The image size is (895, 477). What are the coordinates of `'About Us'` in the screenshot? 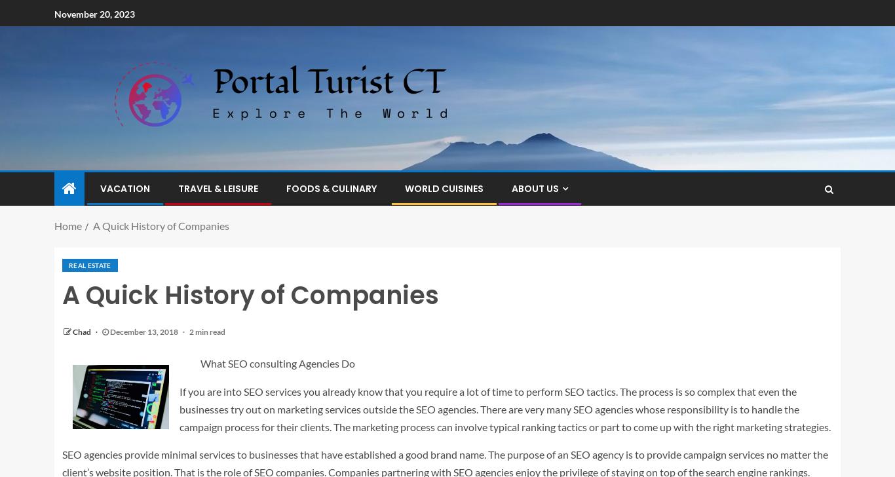 It's located at (511, 188).